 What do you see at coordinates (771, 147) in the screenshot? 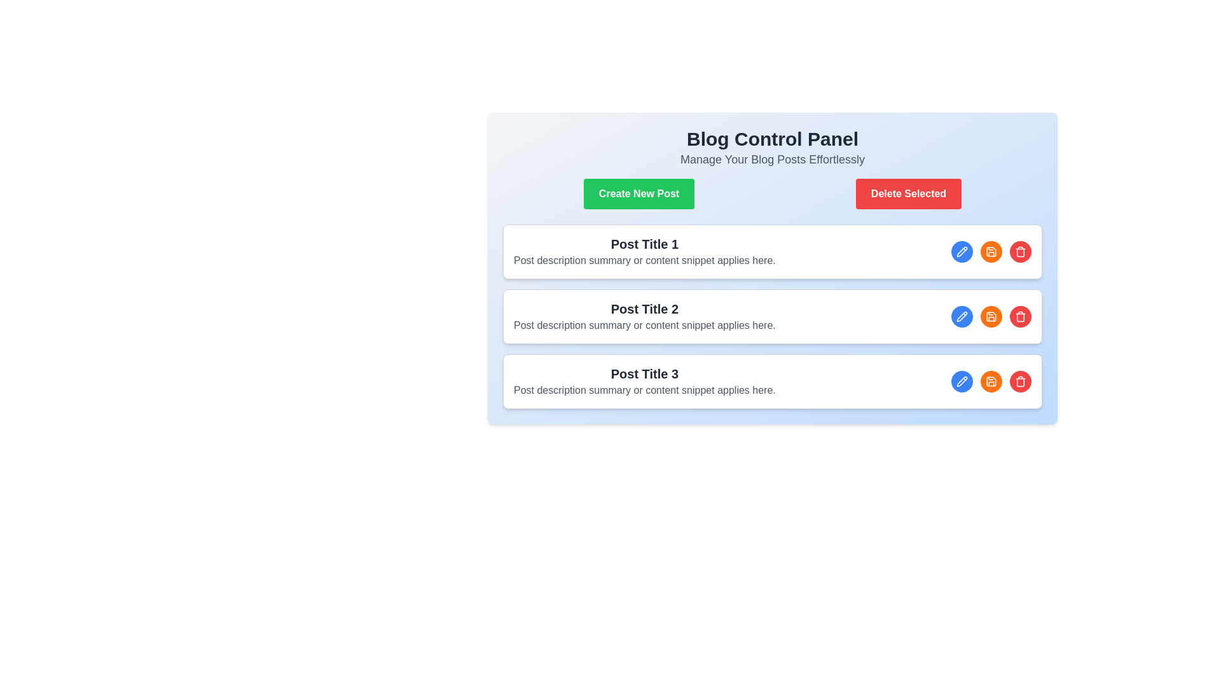
I see `the Header text element that serves as the title and subtitle of the blog control panel interface, located at the top of the central content panel and above the interactive buttons` at bounding box center [771, 147].